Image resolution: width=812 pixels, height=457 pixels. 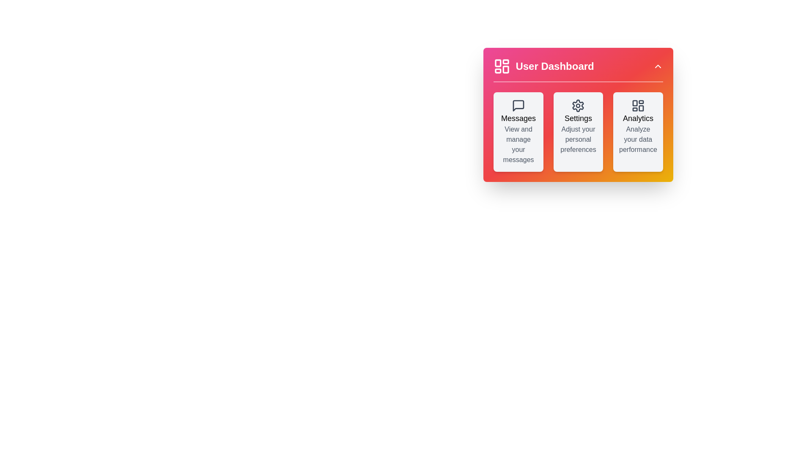 I want to click on the small rectangle in the bottom-right corner of the icon grid in the 'User Dashboard' panel, so click(x=506, y=69).